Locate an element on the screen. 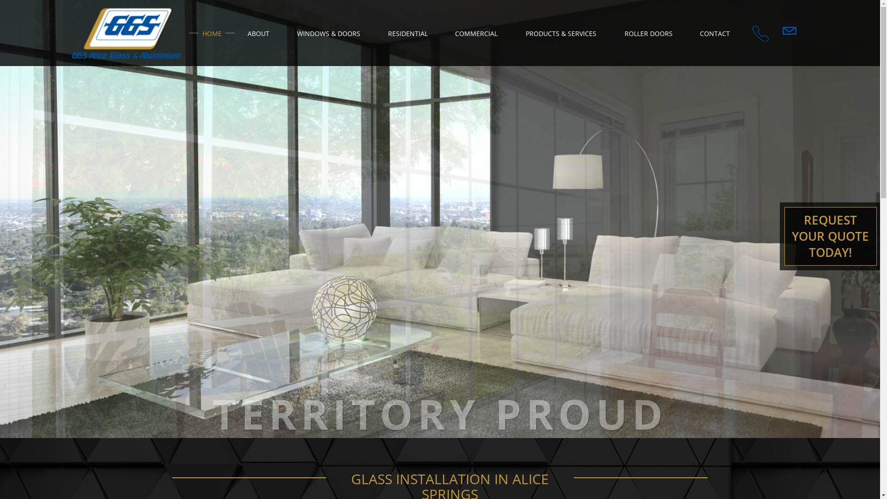 The width and height of the screenshot is (887, 499). 'COMMERCIAL' is located at coordinates (476, 32).